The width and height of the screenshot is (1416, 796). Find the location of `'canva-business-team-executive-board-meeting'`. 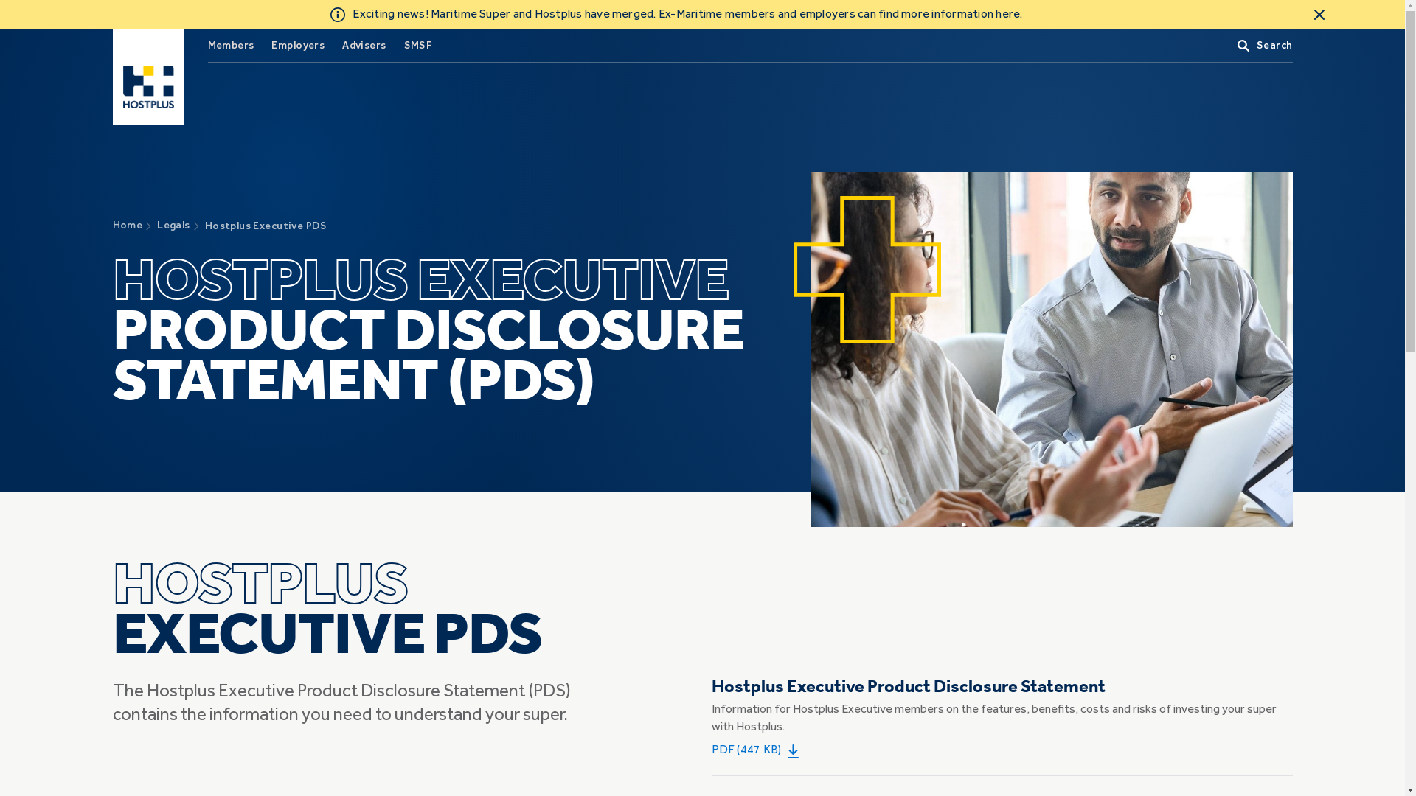

'canva-business-team-executive-board-meeting' is located at coordinates (1051, 349).